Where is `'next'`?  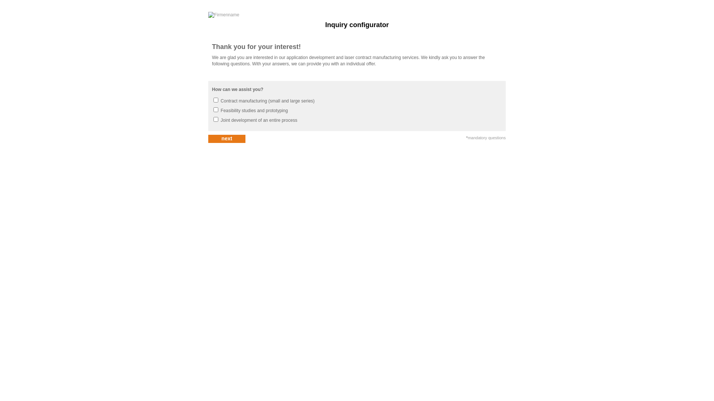 'next' is located at coordinates (226, 139).